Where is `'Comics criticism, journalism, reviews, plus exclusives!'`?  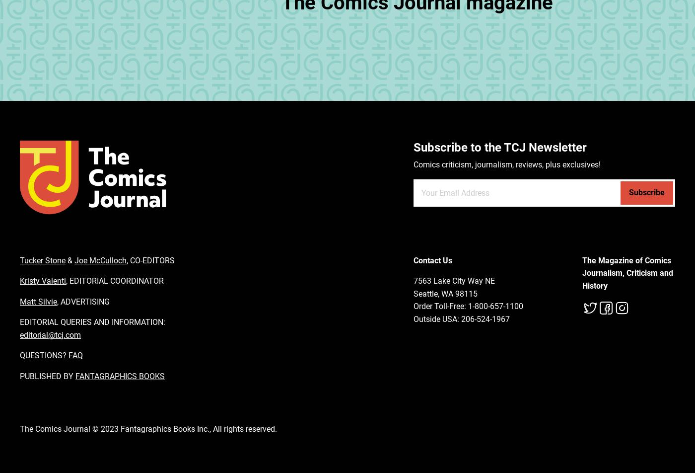 'Comics criticism, journalism, reviews, plus exclusives!' is located at coordinates (414, 164).